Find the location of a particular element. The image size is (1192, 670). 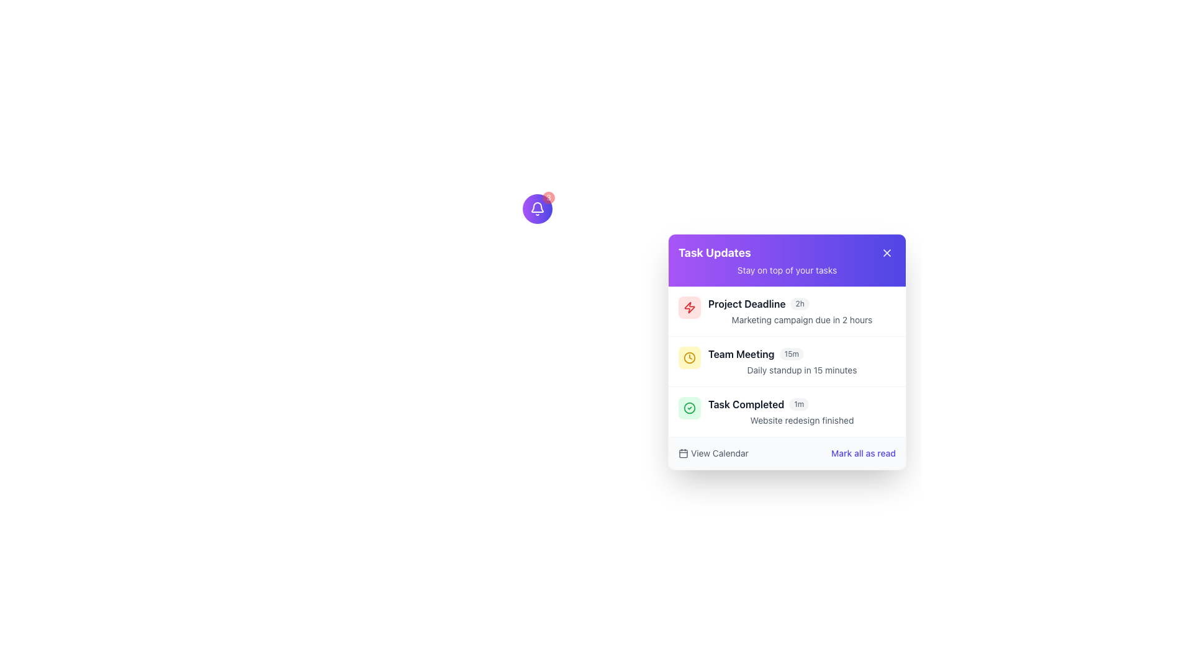

the timestamp label that indicates the task was completed one minute ago, located to the right of the 'Task Completed' text in the 'Task Updates' section is located at coordinates (799, 404).